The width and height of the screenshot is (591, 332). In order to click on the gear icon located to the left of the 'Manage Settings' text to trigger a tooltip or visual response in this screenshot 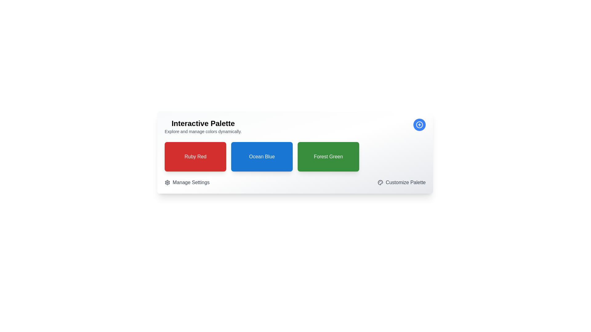, I will do `click(167, 182)`.